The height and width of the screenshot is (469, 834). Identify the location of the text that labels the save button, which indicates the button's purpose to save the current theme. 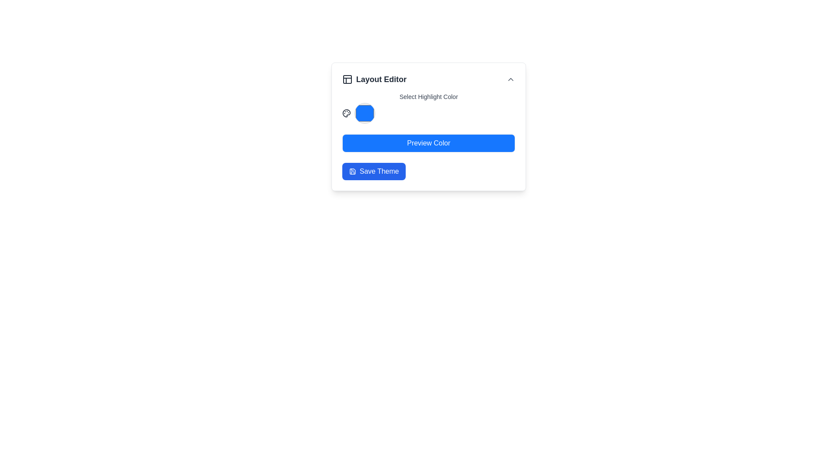
(379, 171).